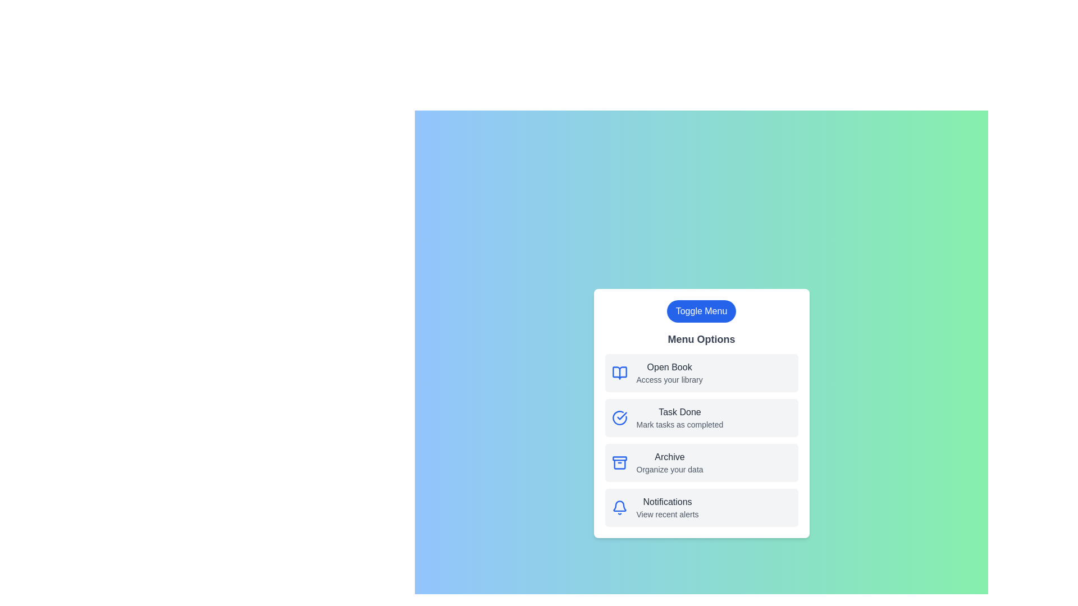 This screenshot has height=606, width=1078. What do you see at coordinates (679, 412) in the screenshot?
I see `the 'Task Done' menu item to mark tasks as completed` at bounding box center [679, 412].